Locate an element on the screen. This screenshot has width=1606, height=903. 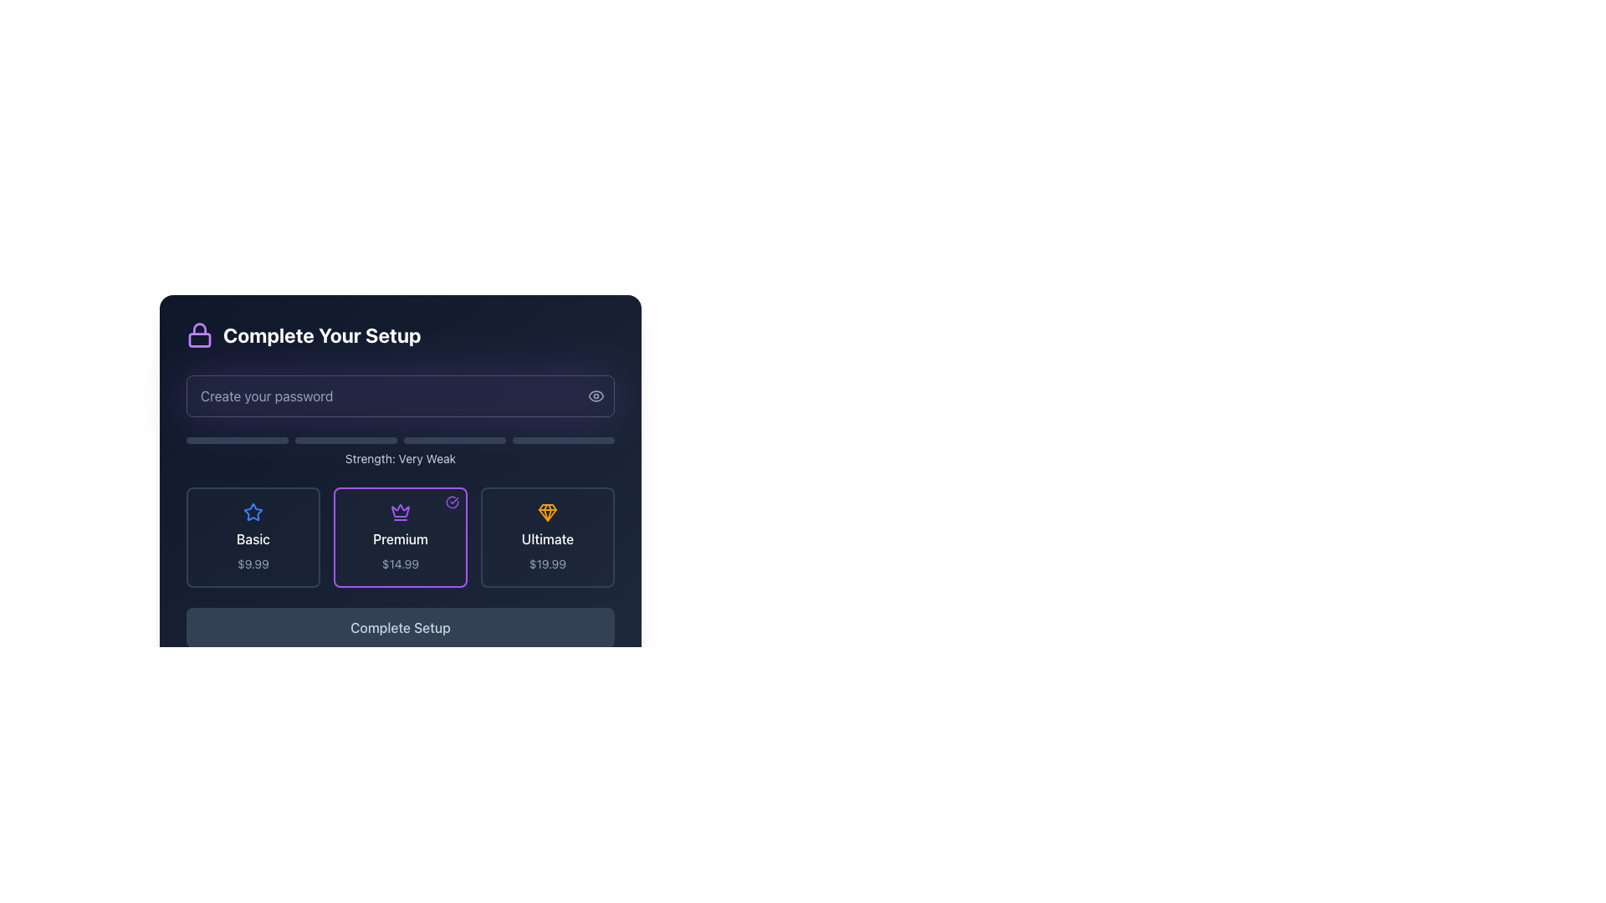
the fourth progress indicator segment in the password strength meter, which is a dark gray horizontal bar with a rounded appearance is located at coordinates (563, 440).